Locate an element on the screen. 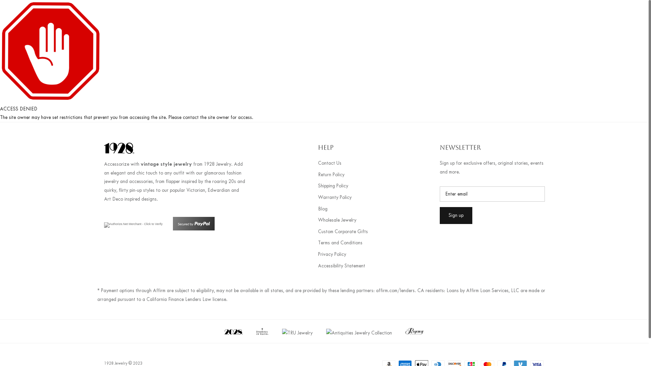  'Terms and Conditions' is located at coordinates (340, 242).